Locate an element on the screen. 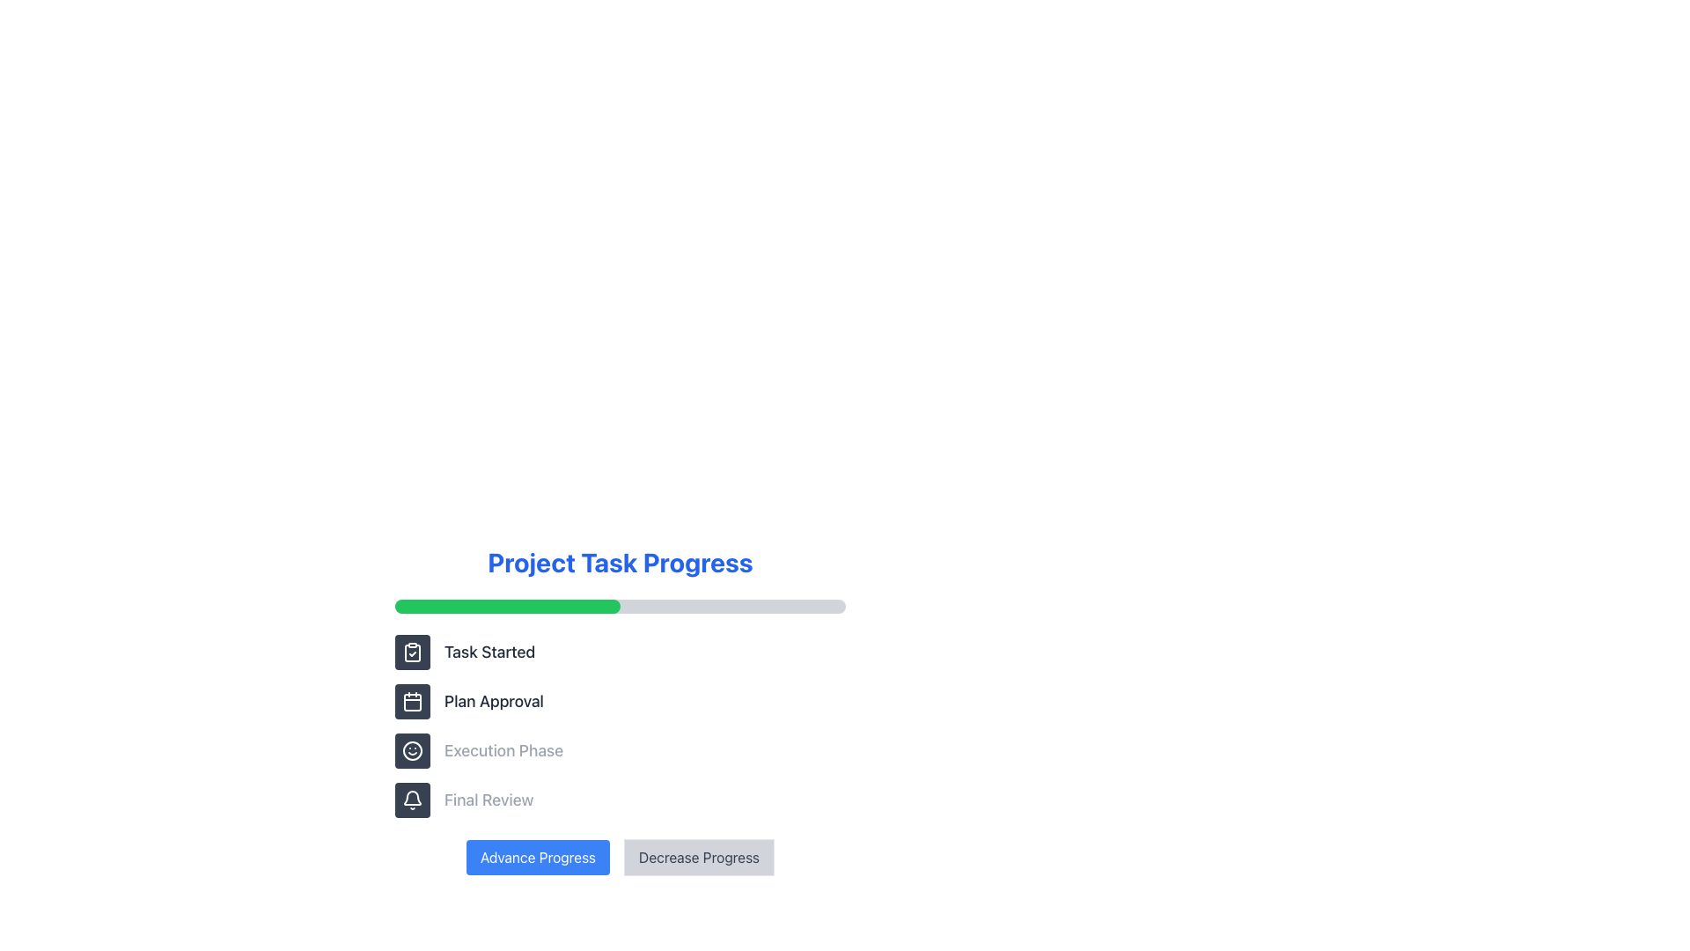  the text label displaying 'Task Started', which is the first element in a vertical list on the left side of the interface, located below the 'Project Task Progress' progress bar is located at coordinates (489, 652).